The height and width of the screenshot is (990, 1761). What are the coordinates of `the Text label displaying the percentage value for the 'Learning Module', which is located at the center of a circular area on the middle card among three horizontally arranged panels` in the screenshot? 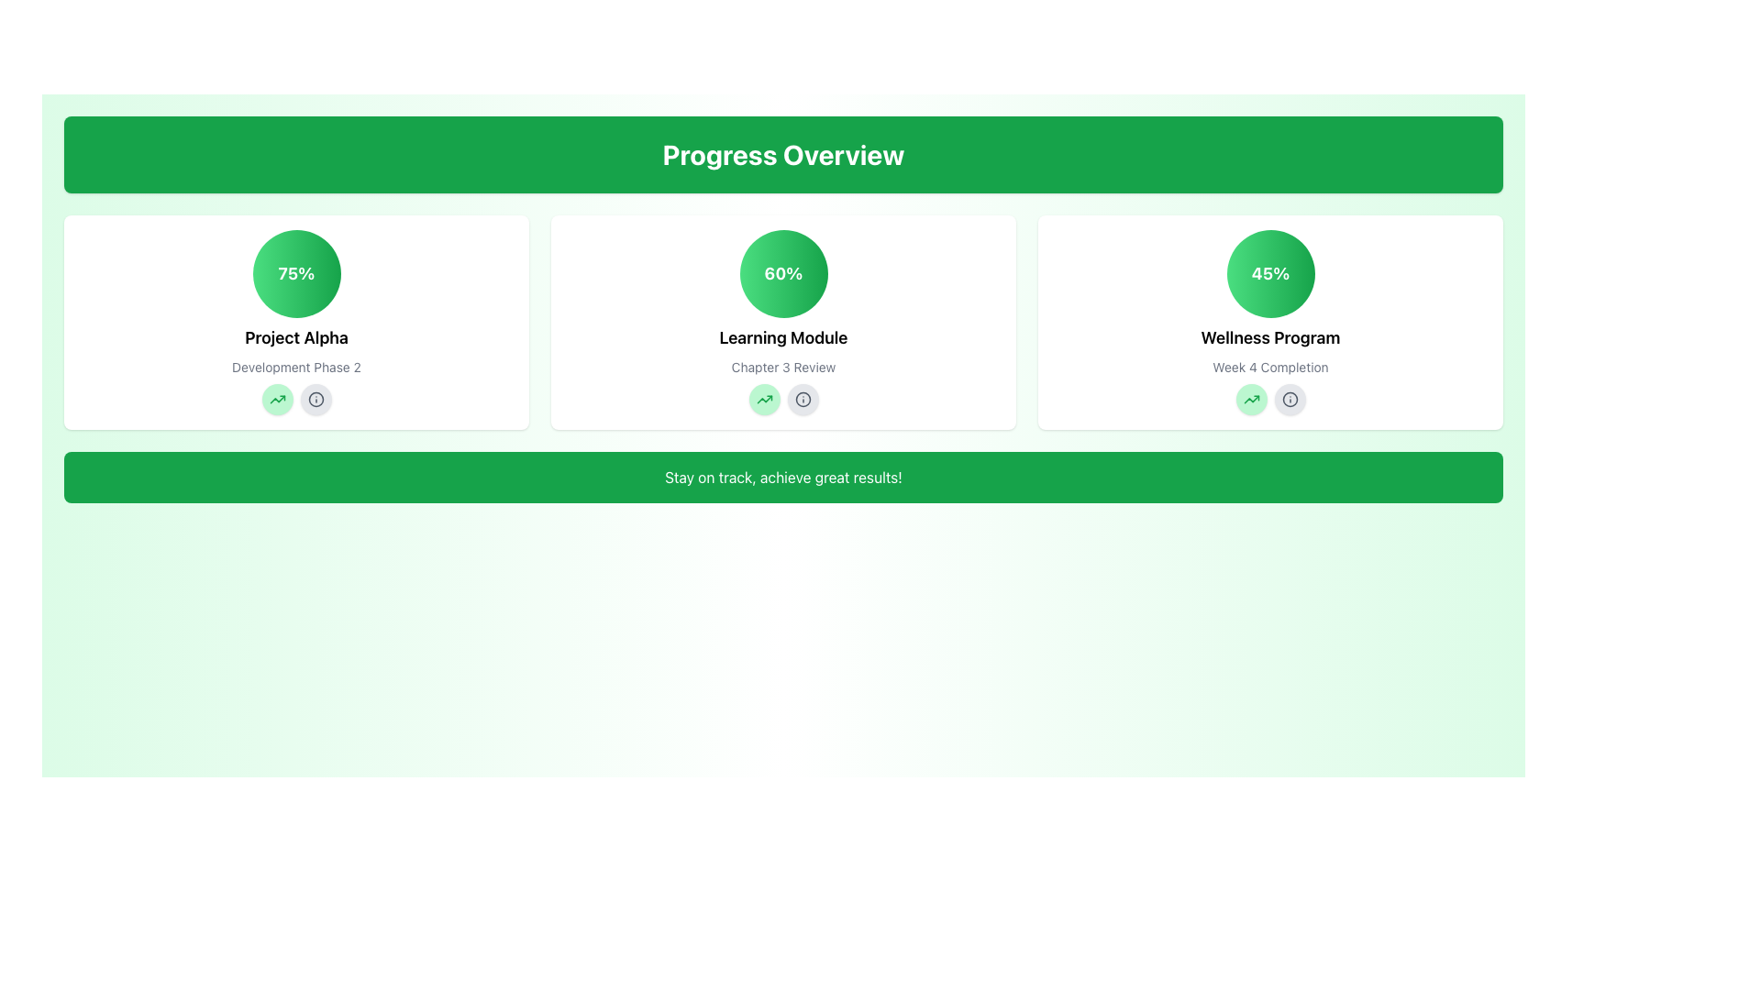 It's located at (783, 274).